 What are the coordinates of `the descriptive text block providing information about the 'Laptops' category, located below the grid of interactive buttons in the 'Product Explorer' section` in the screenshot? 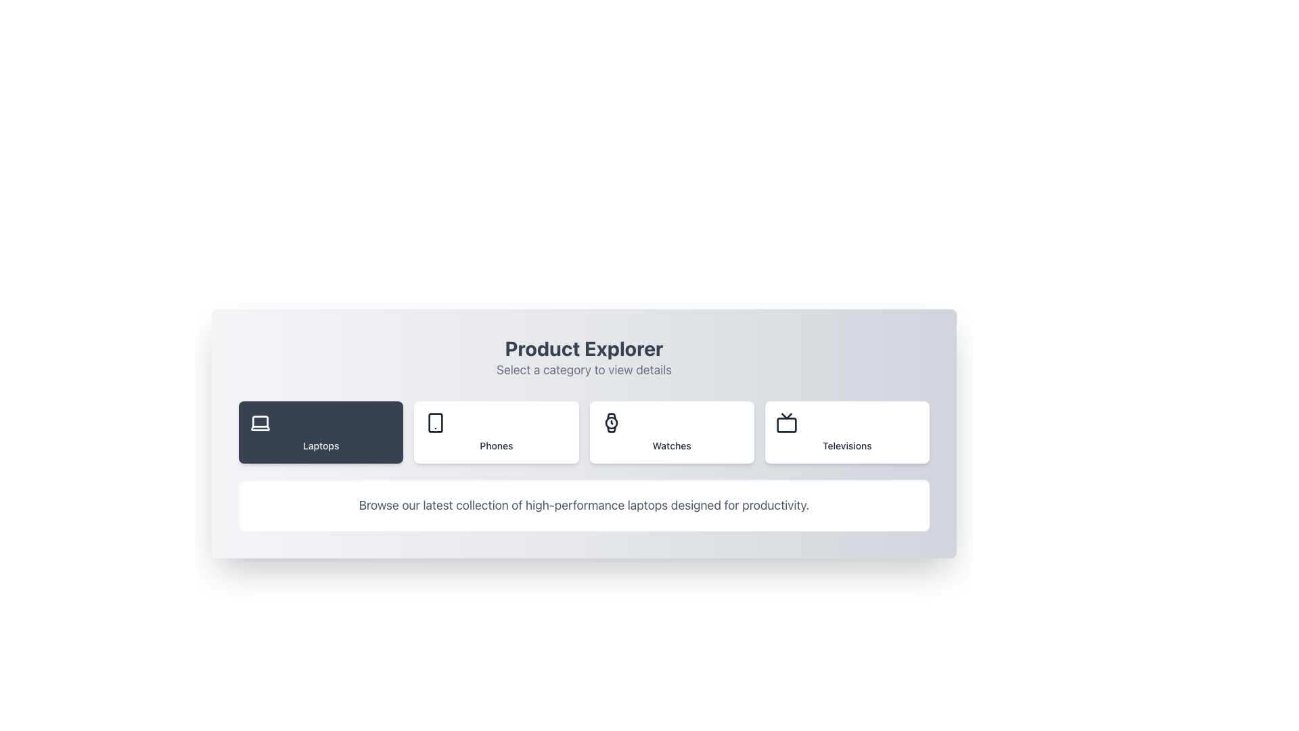 It's located at (584, 506).